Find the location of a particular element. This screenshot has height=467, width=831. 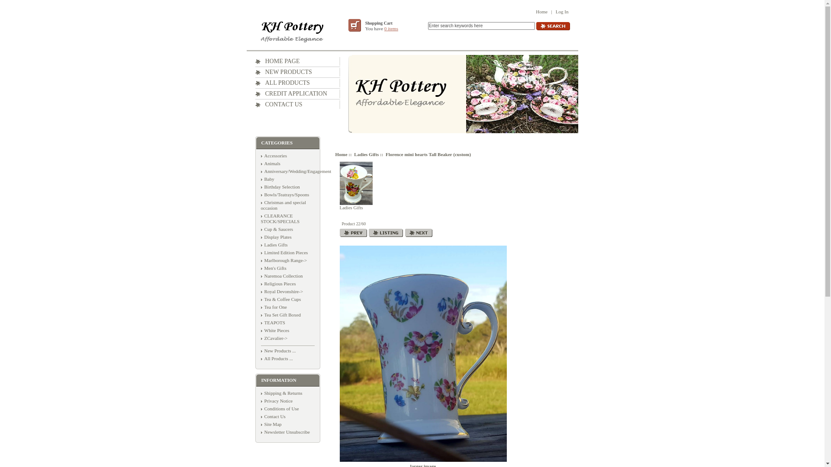

'Naremoa Collection' is located at coordinates (281, 275).